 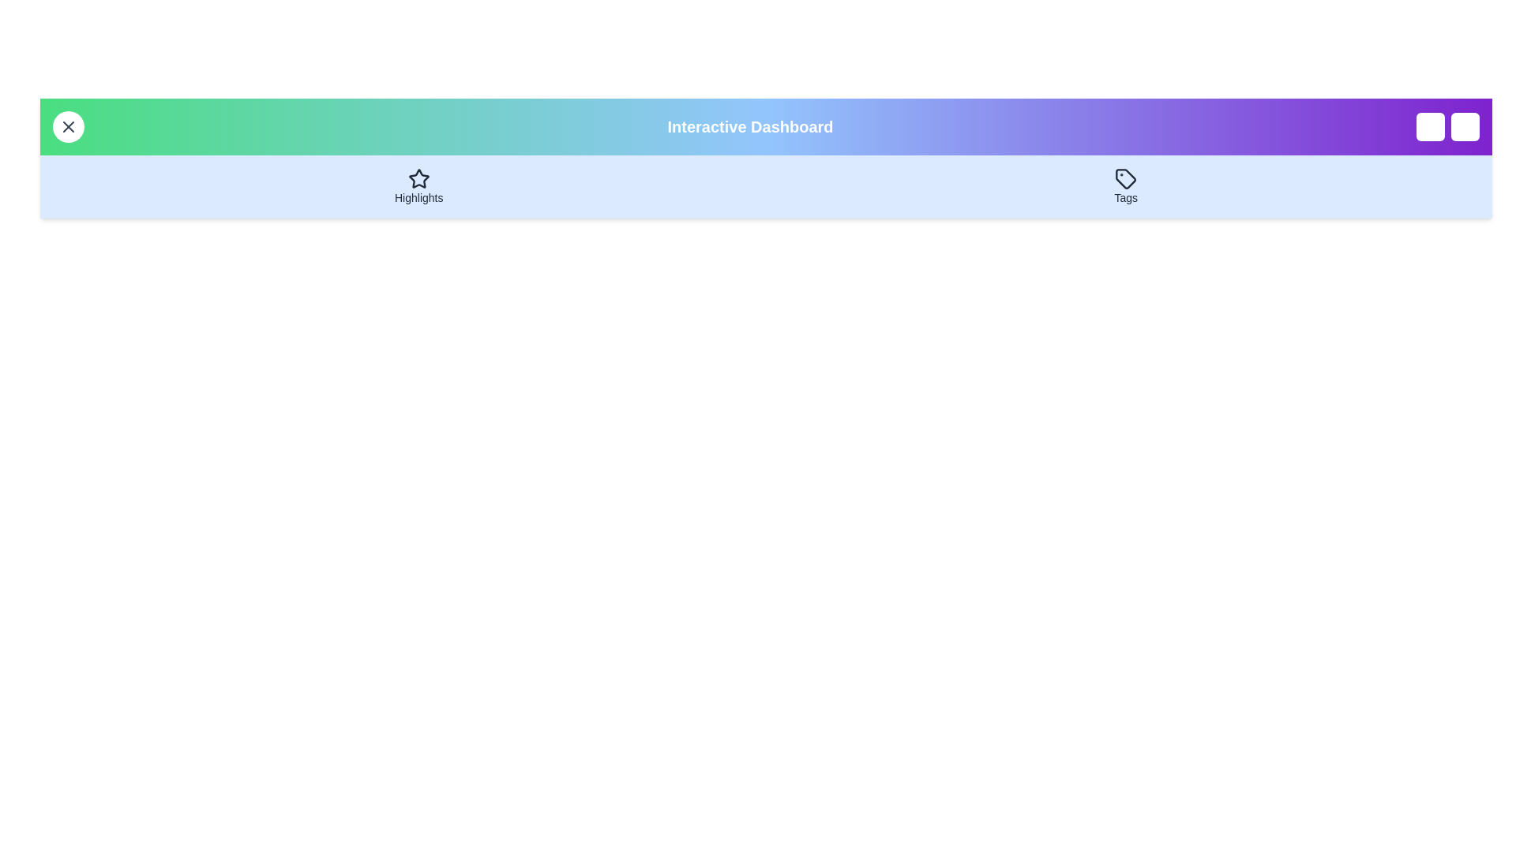 What do you see at coordinates (67, 126) in the screenshot?
I see `the menu toggle button to toggle the menu visibility` at bounding box center [67, 126].